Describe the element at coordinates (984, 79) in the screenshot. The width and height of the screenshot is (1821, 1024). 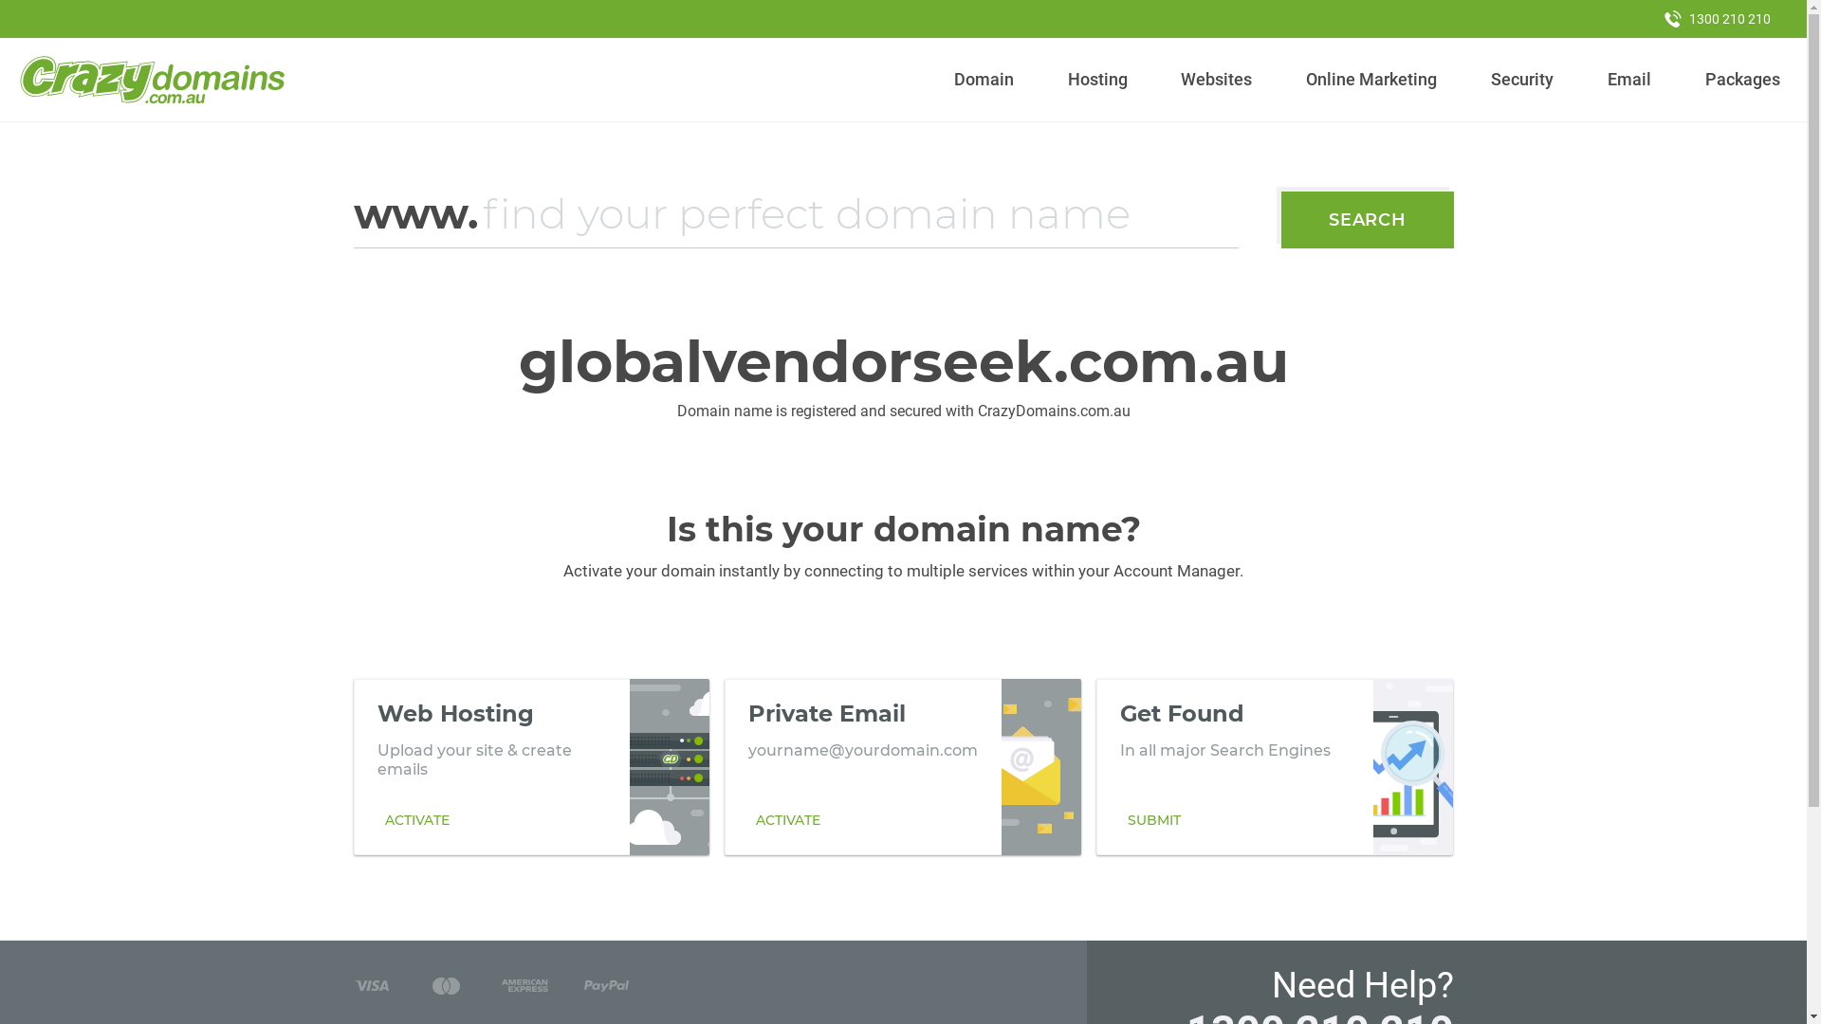
I see `'Domain'` at that location.